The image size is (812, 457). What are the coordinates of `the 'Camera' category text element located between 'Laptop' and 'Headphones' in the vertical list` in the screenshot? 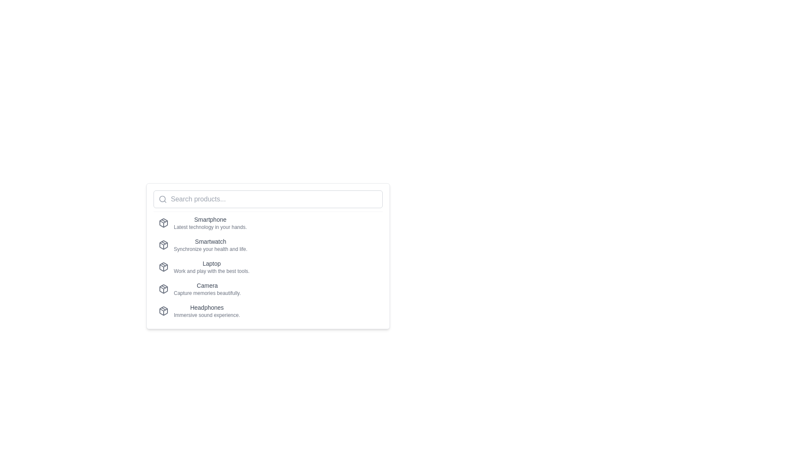 It's located at (207, 288).